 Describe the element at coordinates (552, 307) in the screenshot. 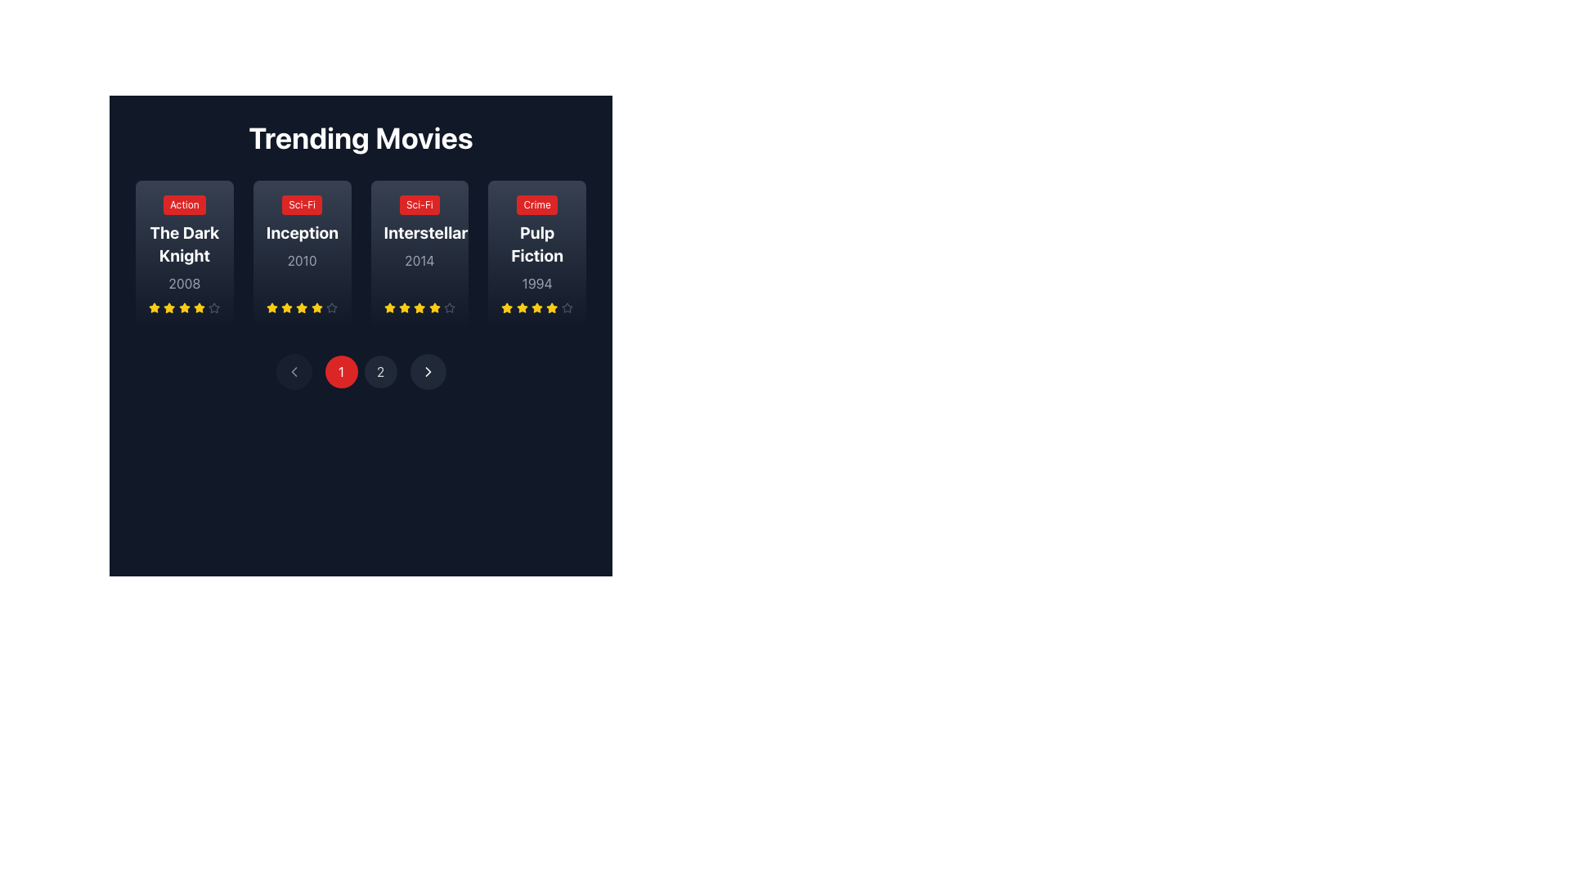

I see `the yellow star icon representing the first rating level for the 'Pulp Fiction' card in the 'Trending Movies' section` at that location.